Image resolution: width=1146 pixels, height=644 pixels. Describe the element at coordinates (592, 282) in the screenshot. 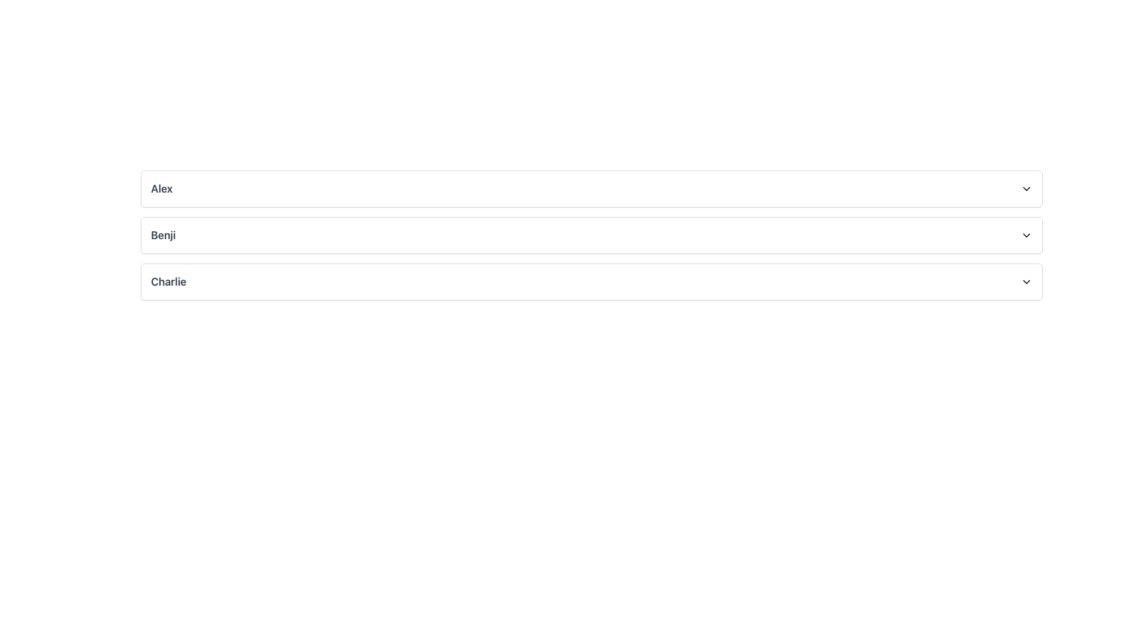

I see `the chevron of the third dropdown item located at the bottom of the list` at that location.